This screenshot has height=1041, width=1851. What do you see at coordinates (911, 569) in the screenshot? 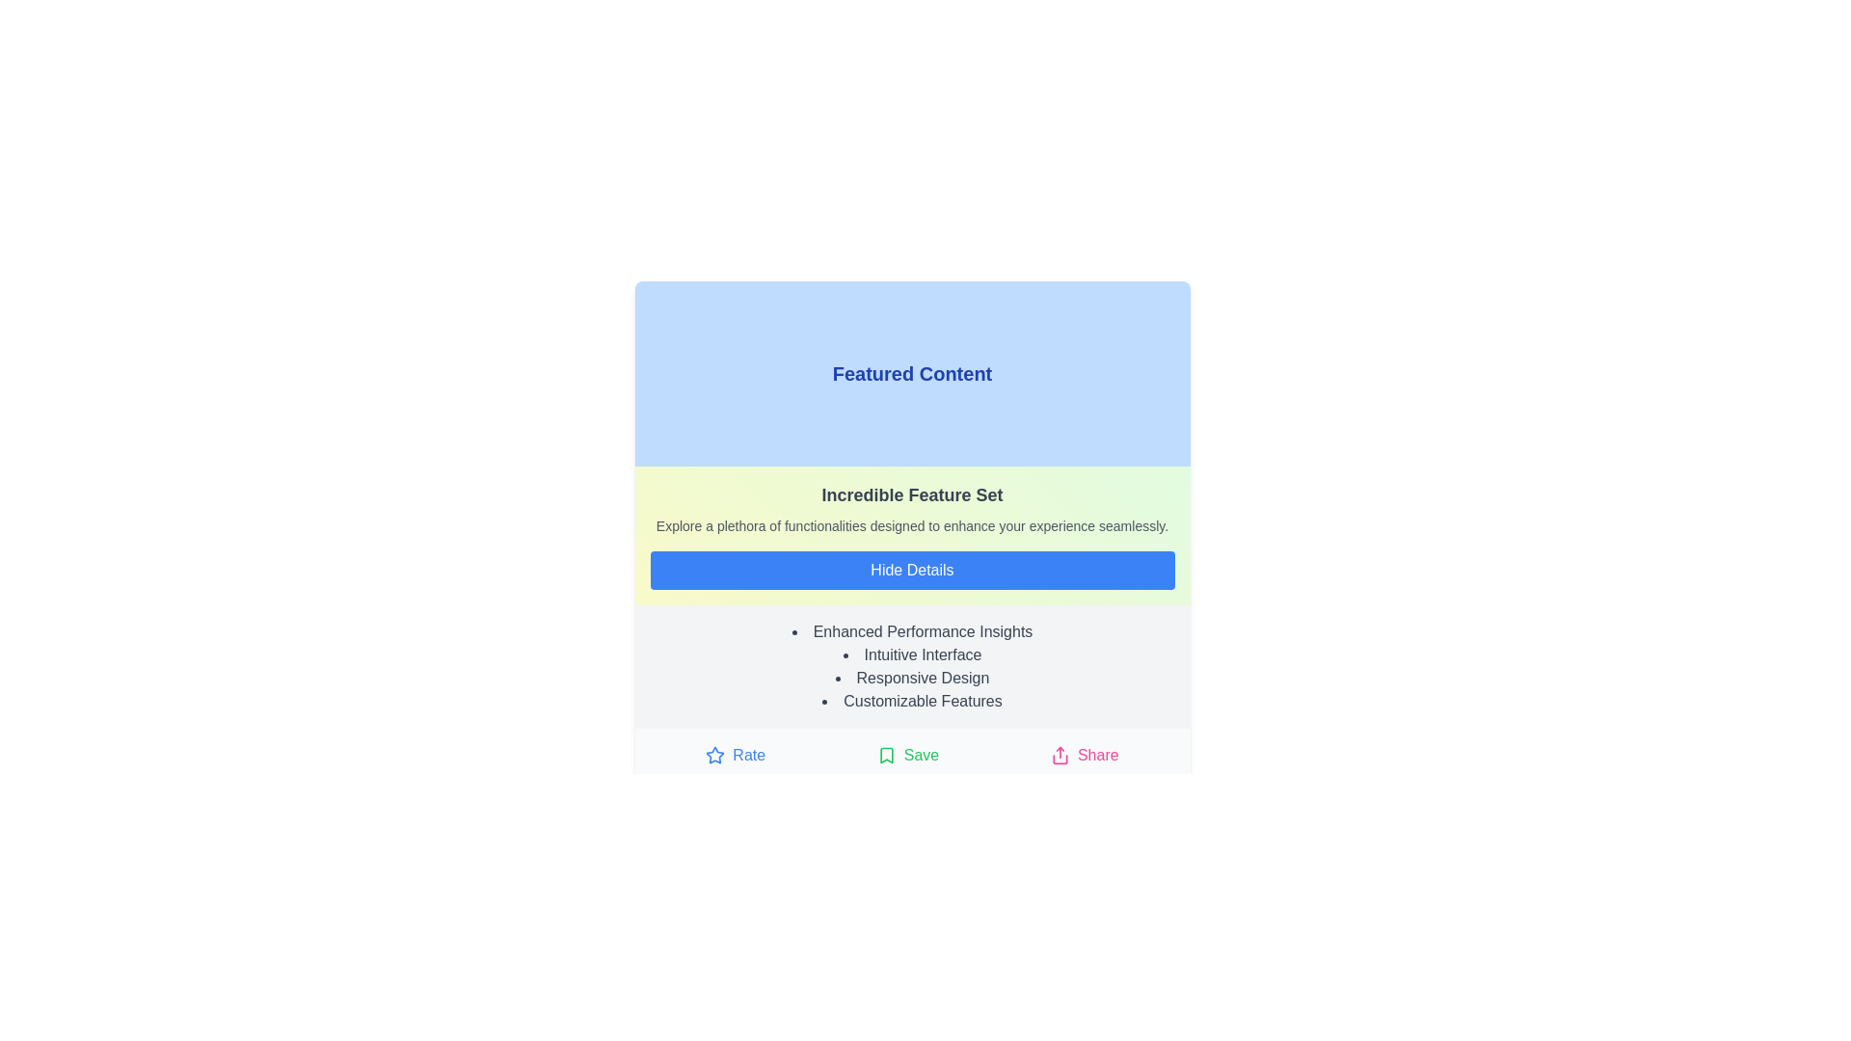
I see `the button labeled 'Hide Details' which has a blue background and rounded corners, positioned below the text 'Explore a plethora of functionalities designed to enhance your experience seamlessly'` at bounding box center [911, 569].